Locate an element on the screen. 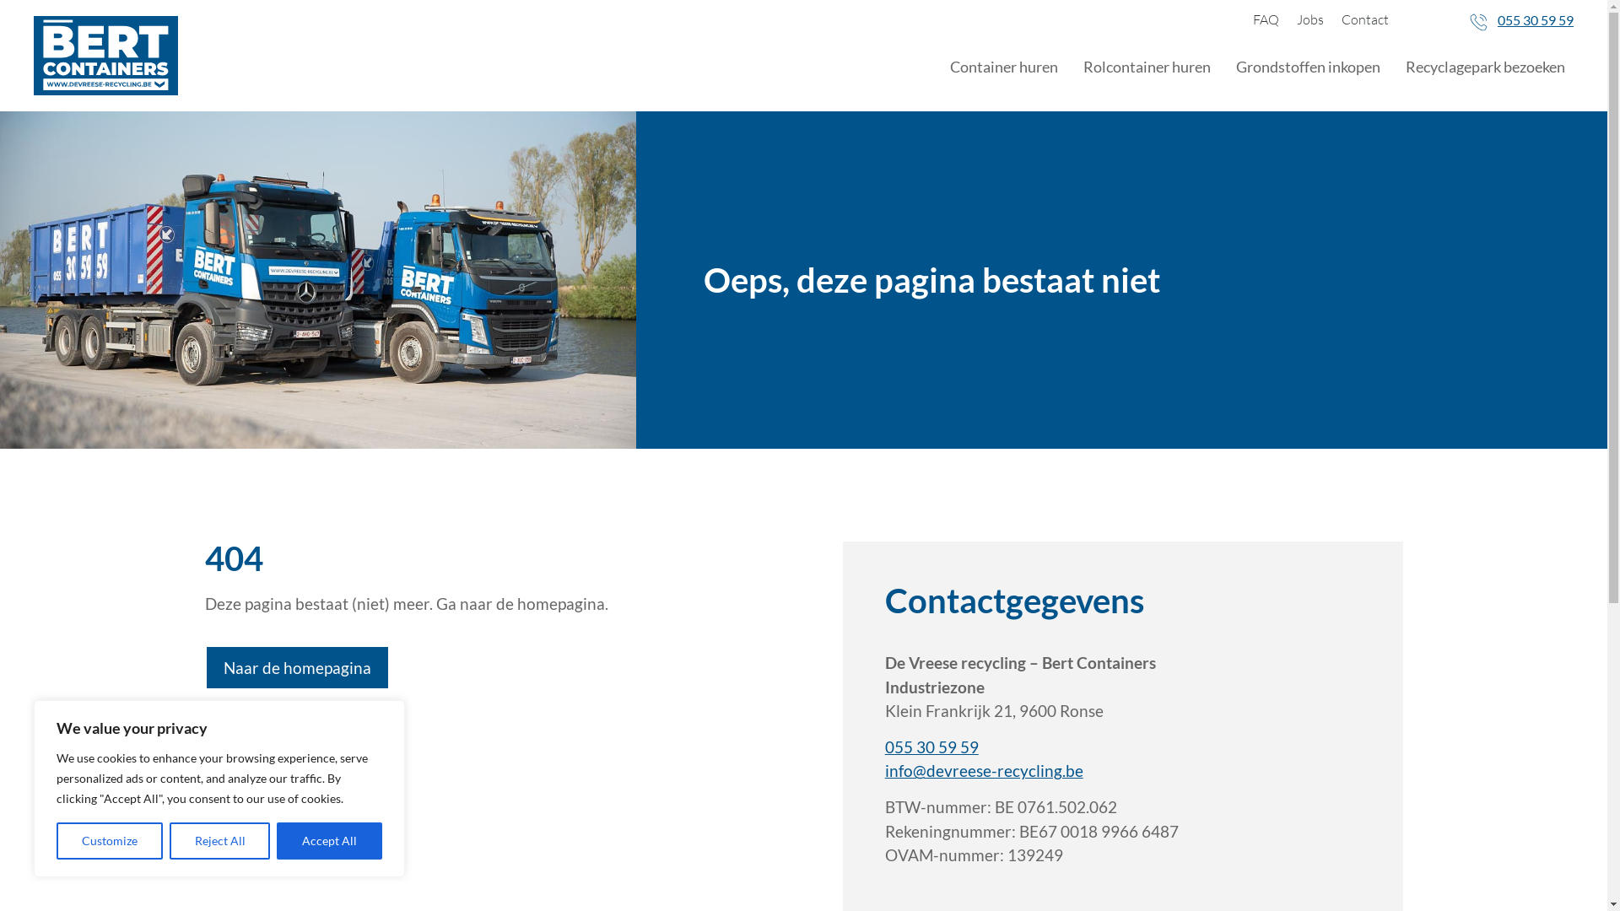 The image size is (1620, 911). 'Naar de homepagina' is located at coordinates (202, 666).